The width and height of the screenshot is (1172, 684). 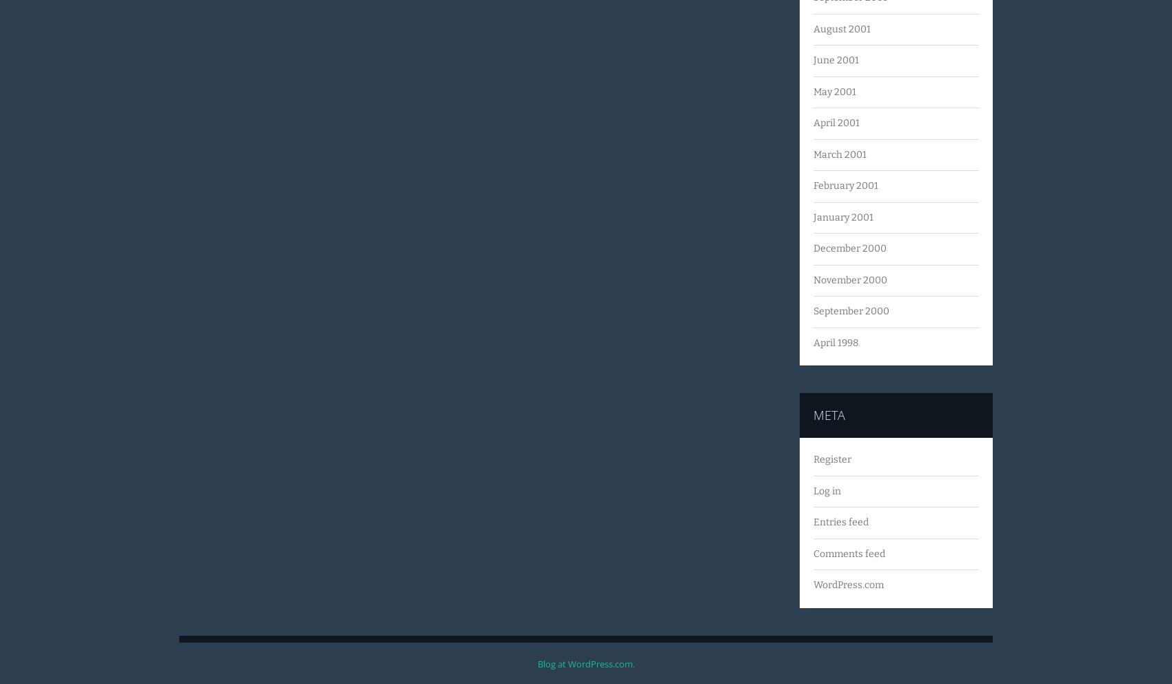 I want to click on 'November 2000', so click(x=812, y=279).